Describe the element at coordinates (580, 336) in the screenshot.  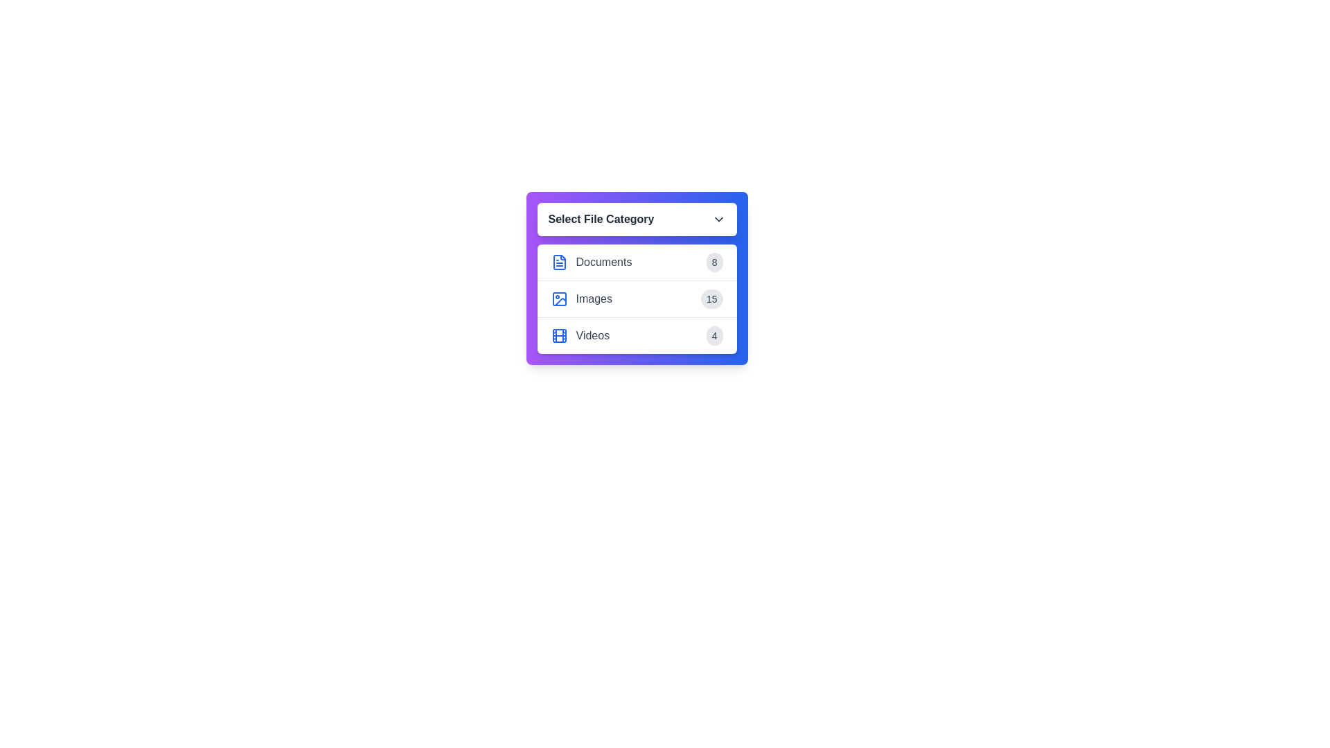
I see `the 'Videos' label with the accompanying grid icon` at that location.